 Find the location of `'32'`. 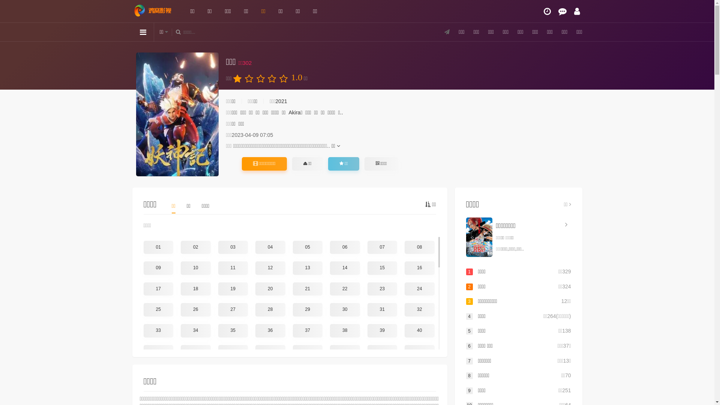

'32' is located at coordinates (419, 309).